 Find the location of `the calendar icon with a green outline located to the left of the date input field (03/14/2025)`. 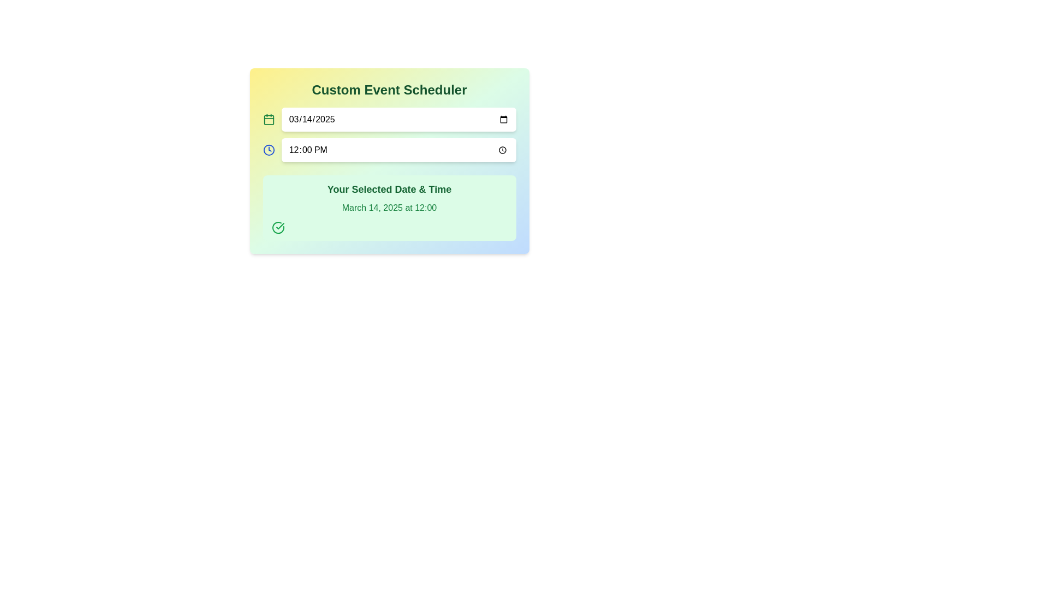

the calendar icon with a green outline located to the left of the date input field (03/14/2025) is located at coordinates (269, 120).